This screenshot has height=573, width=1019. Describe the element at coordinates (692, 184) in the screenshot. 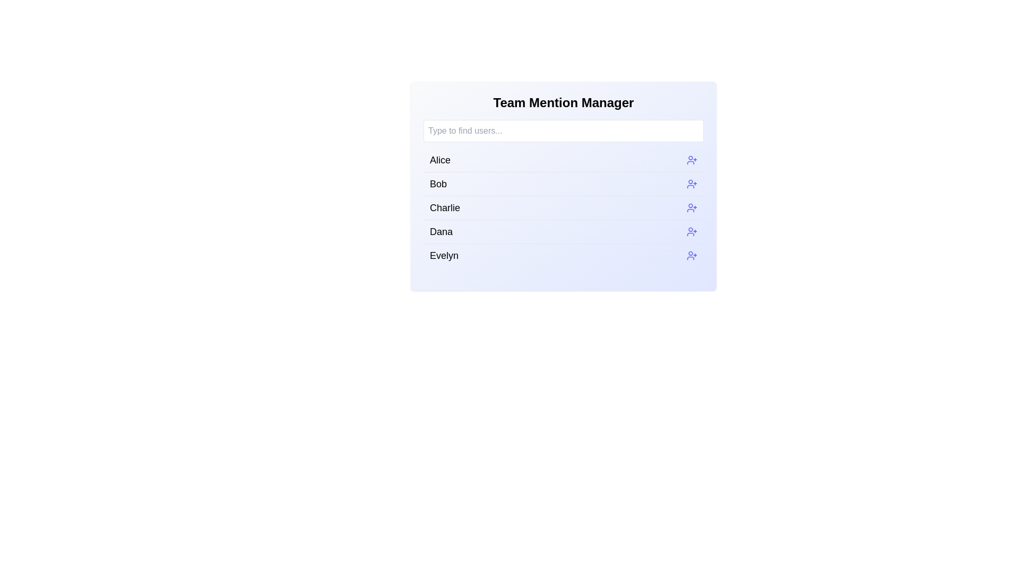

I see `the Icon Button located immediately to the right of the text 'Bob' in the 'Team Mention Manager' section` at that location.